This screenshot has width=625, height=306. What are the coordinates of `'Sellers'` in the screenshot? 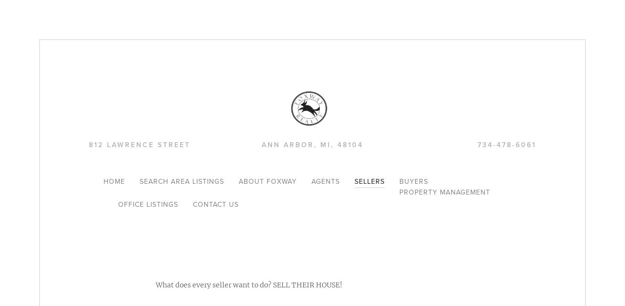 It's located at (369, 181).